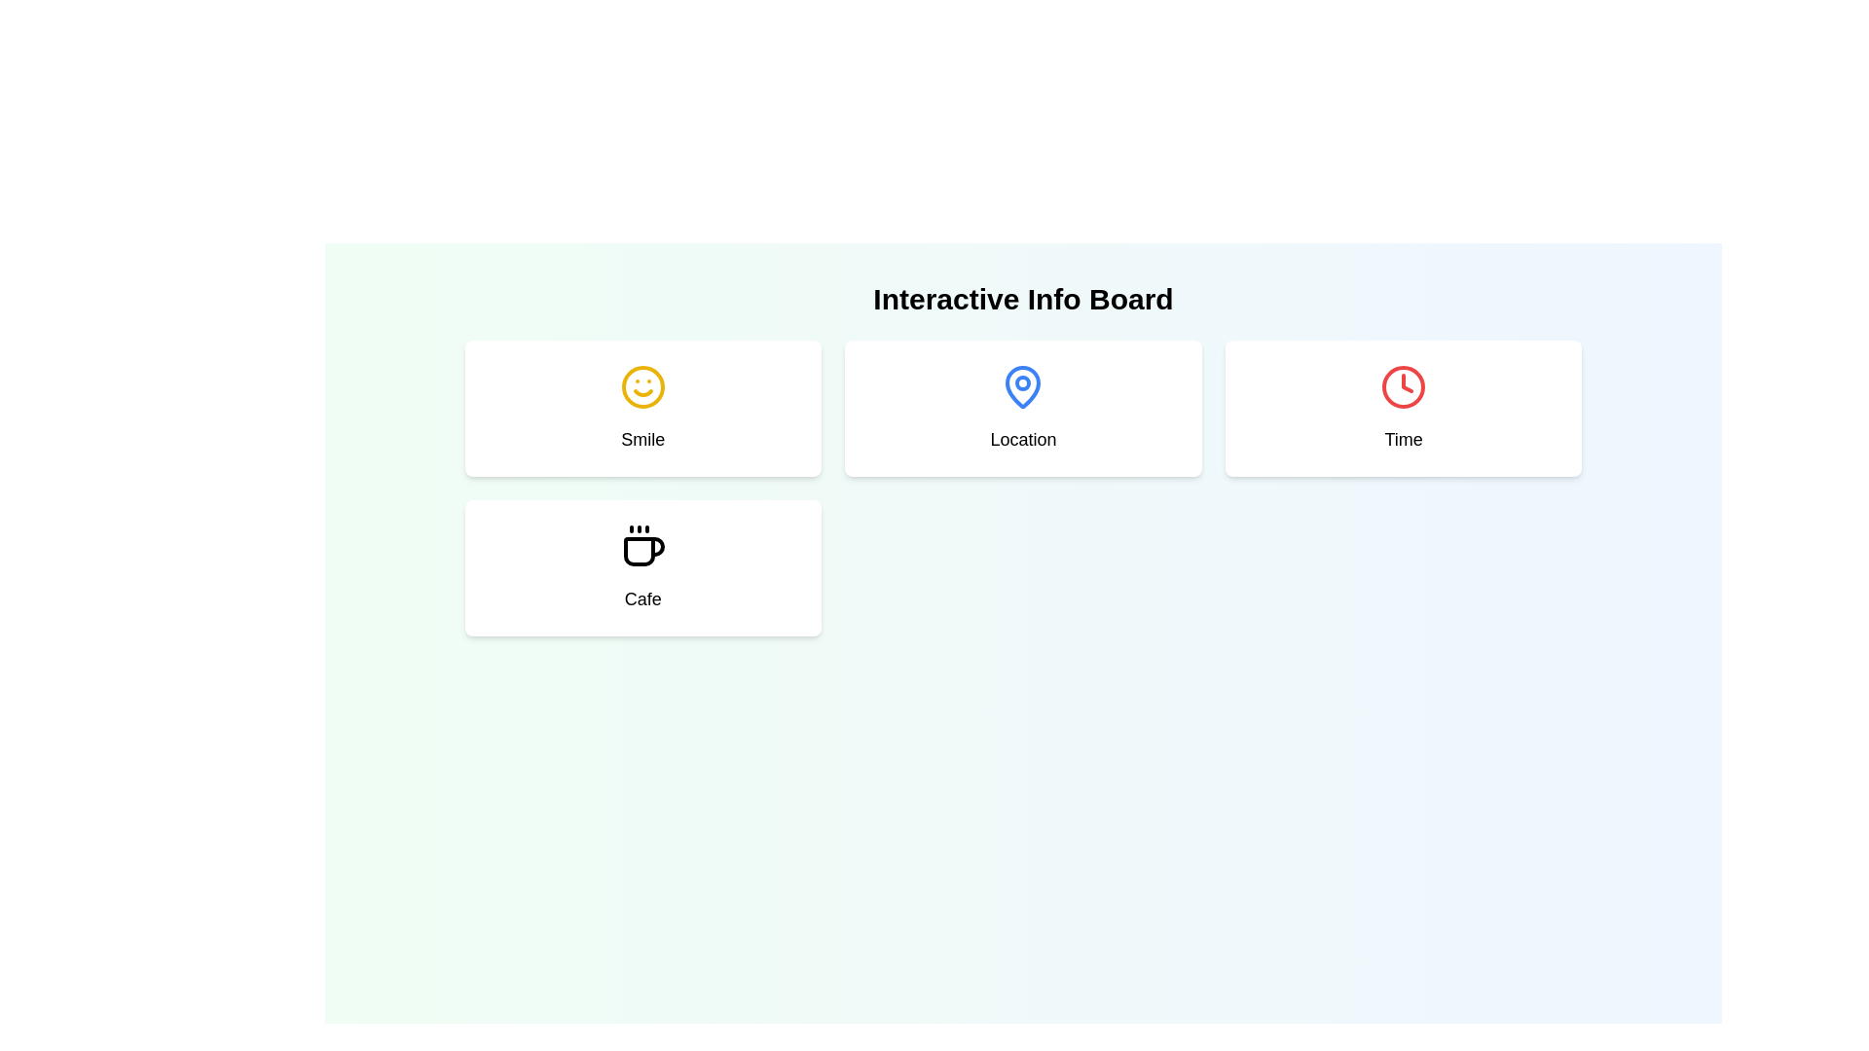 The width and height of the screenshot is (1869, 1051). I want to click on the rectangular card with a white background and rounded corners that displays a coffee cup icon and the text 'Cafe', located in the bottom-left quadrant of a 2x2 grid layout, so click(642, 567).